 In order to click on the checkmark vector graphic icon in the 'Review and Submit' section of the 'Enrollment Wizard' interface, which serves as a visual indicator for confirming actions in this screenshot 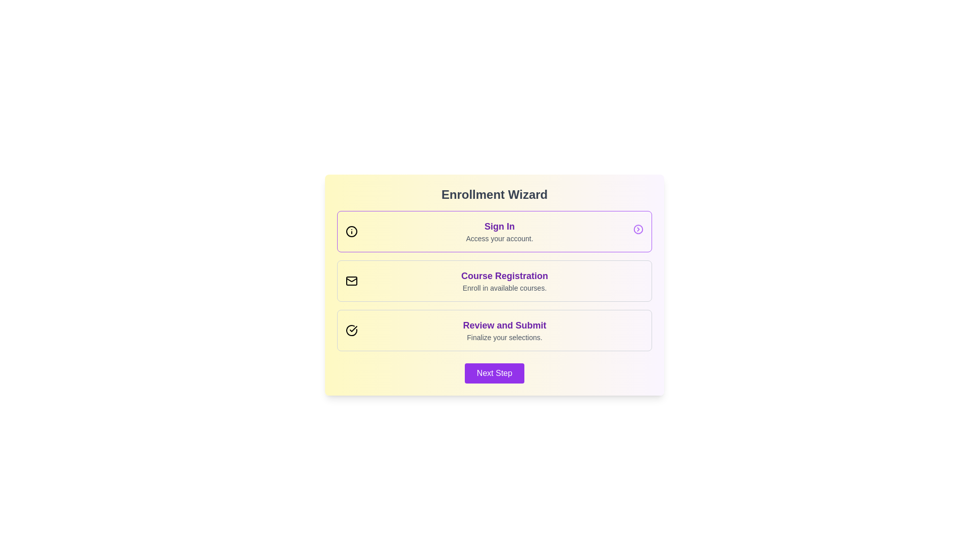, I will do `click(353, 329)`.